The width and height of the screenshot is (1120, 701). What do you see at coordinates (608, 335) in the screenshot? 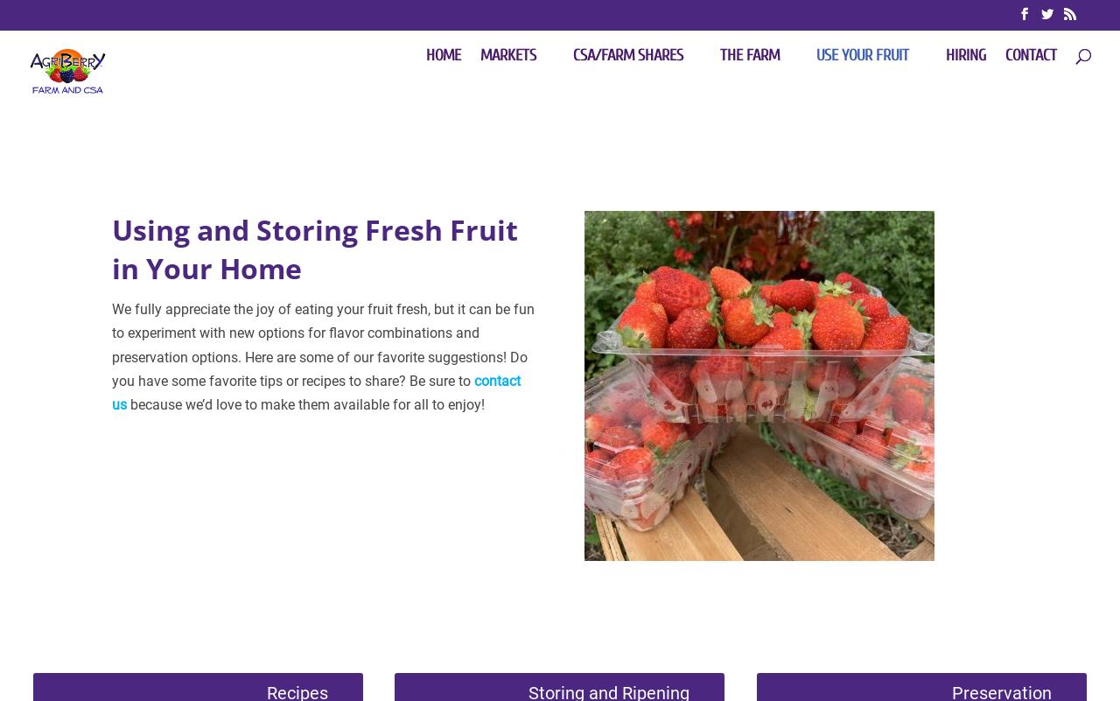
I see `'CSA/Farm Share FAQs'` at bounding box center [608, 335].